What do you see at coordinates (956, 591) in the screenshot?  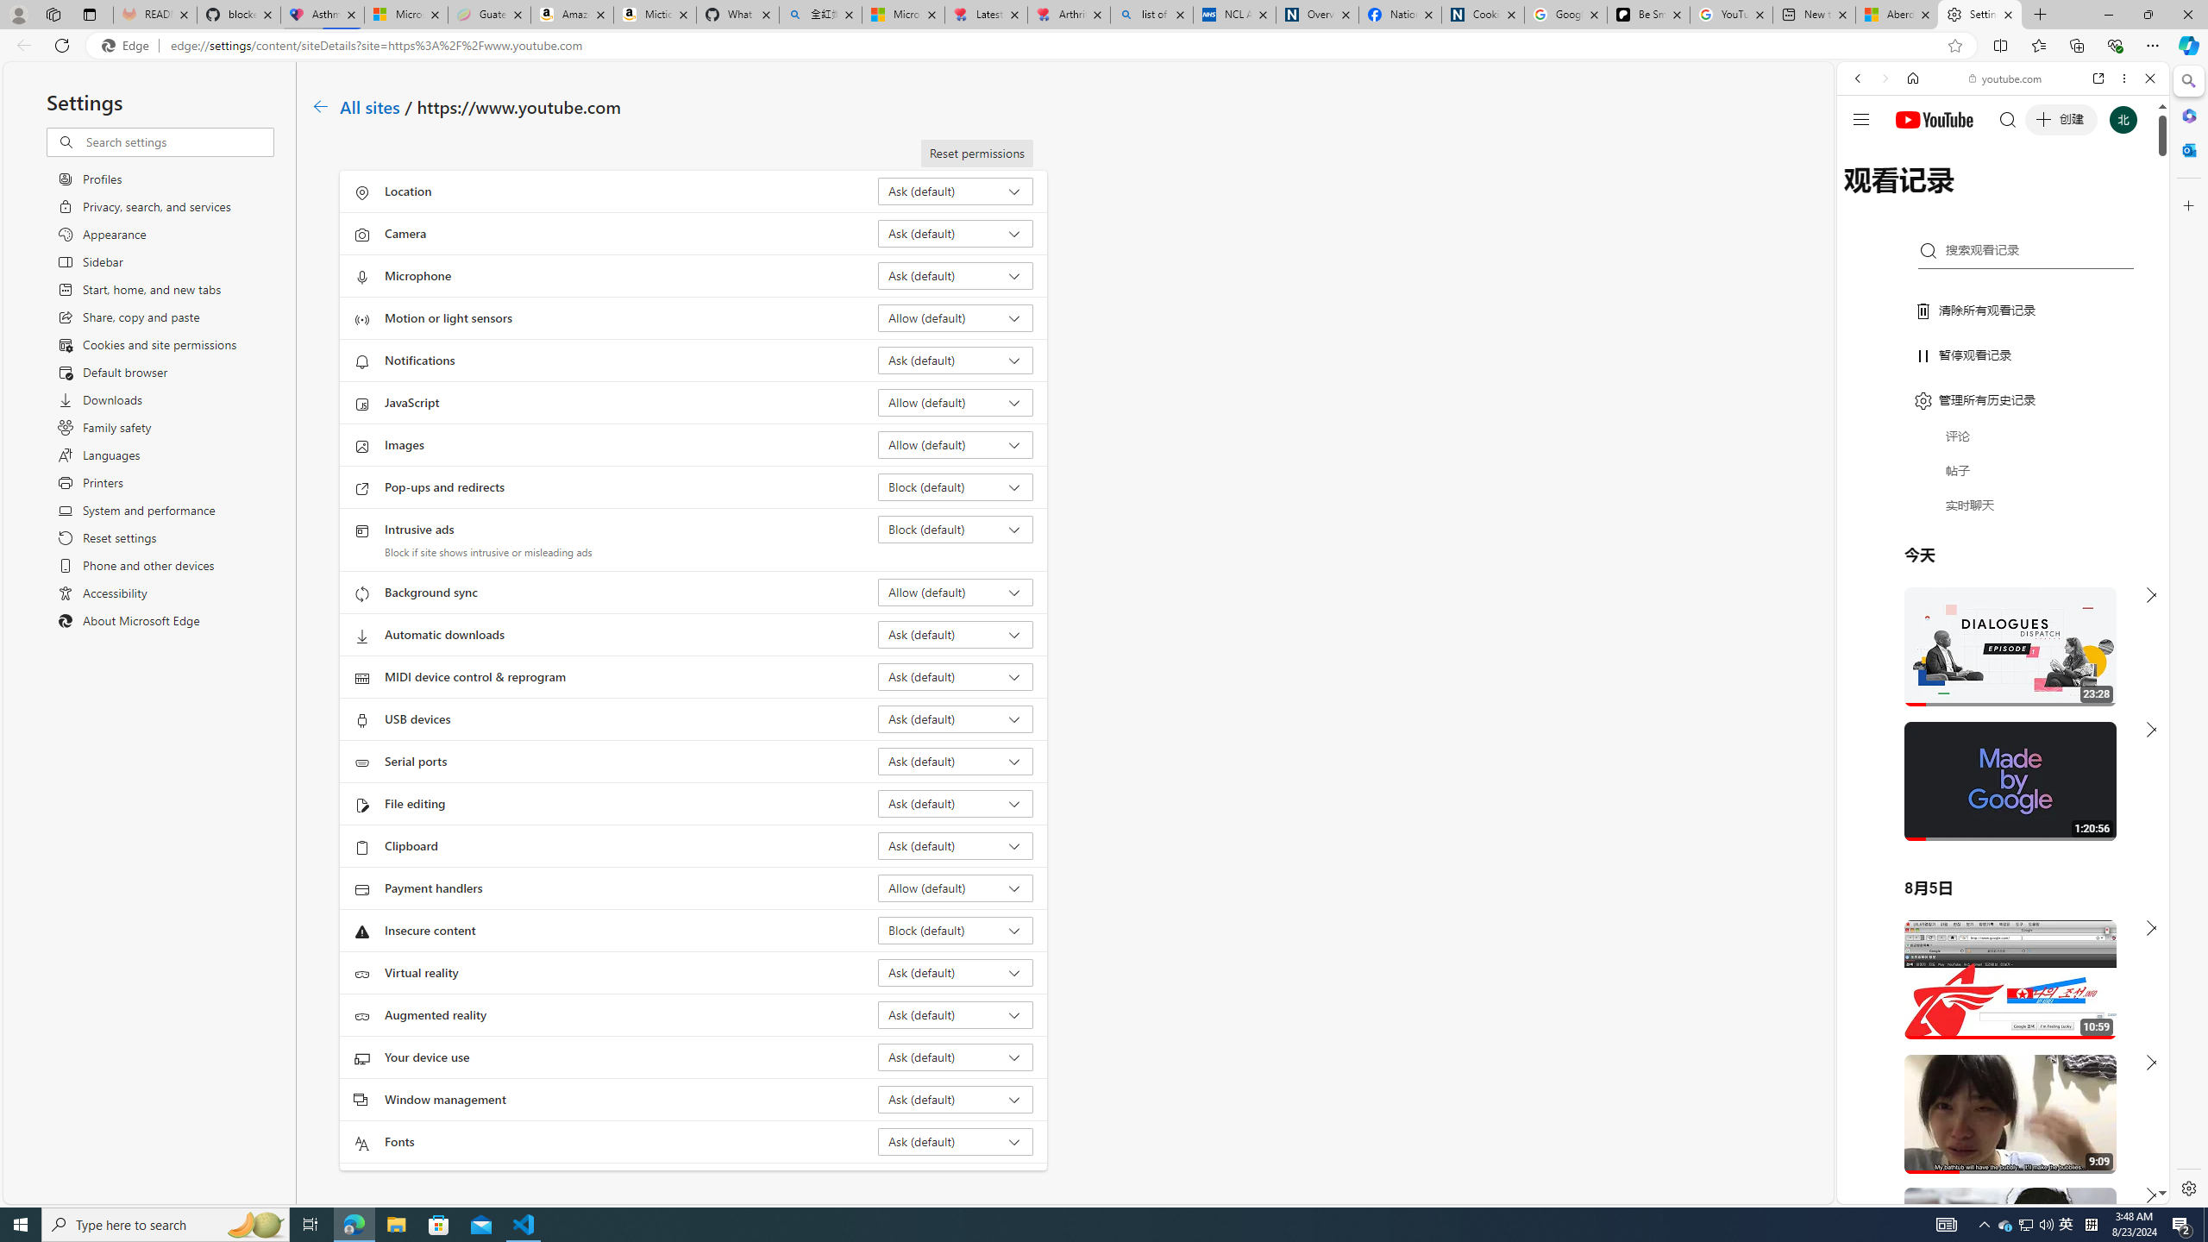 I see `'Background sync Allow (default)'` at bounding box center [956, 591].